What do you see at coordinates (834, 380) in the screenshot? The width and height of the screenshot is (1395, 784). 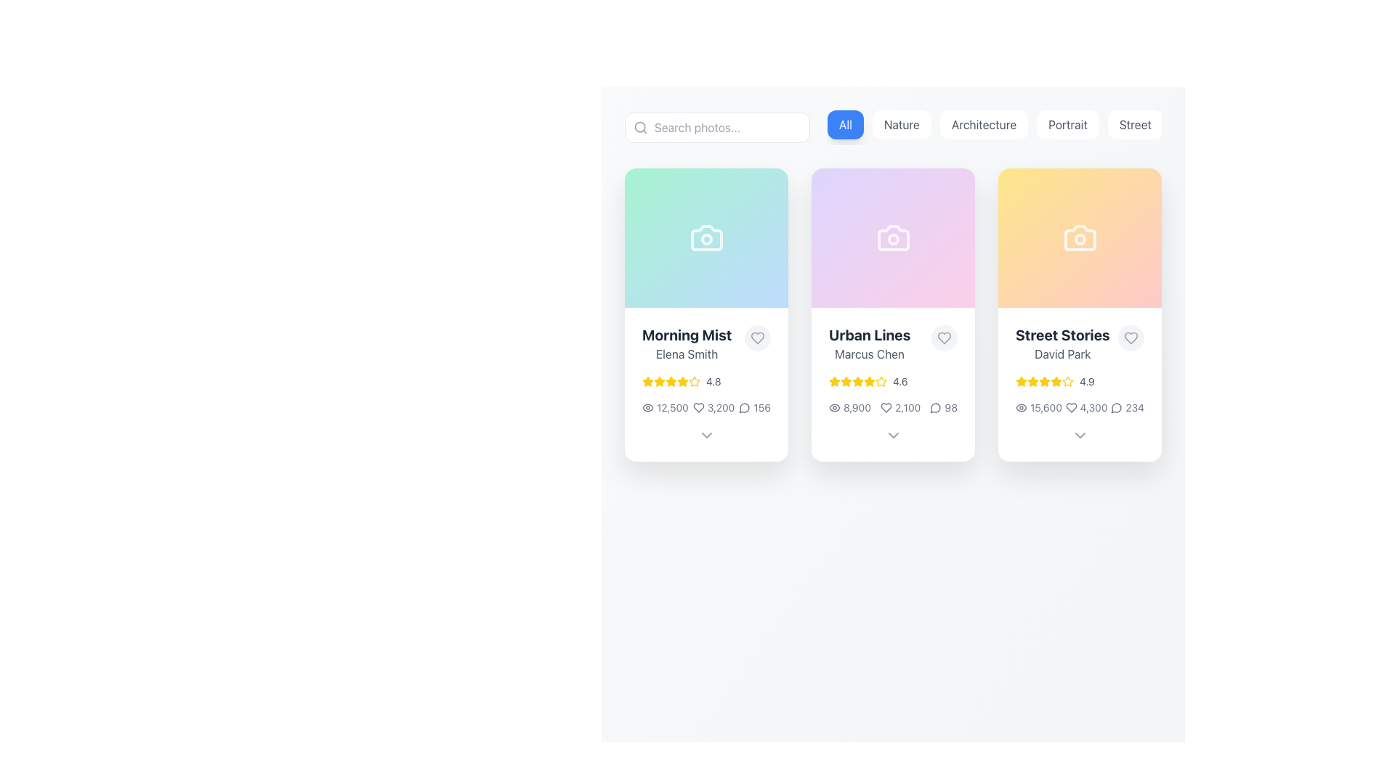 I see `the fifth star icon in the rating section under the card titled 'Urban Lines' by Marcus Chen` at bounding box center [834, 380].